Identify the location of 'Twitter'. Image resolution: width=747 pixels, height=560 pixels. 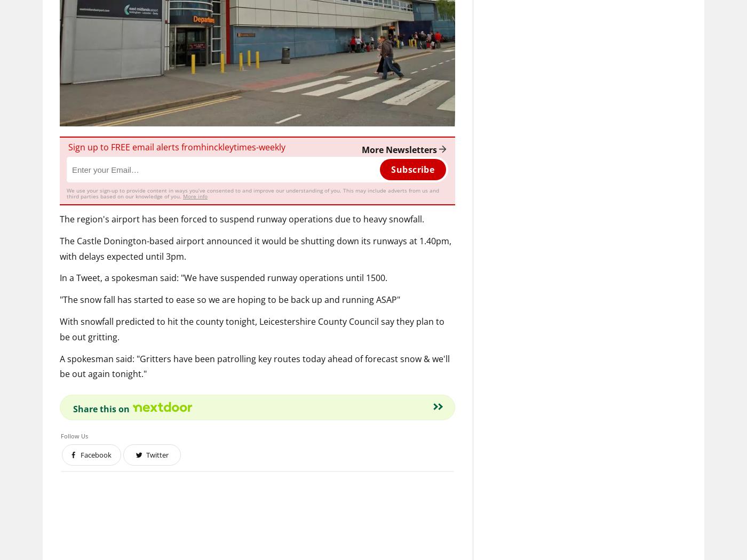
(157, 454).